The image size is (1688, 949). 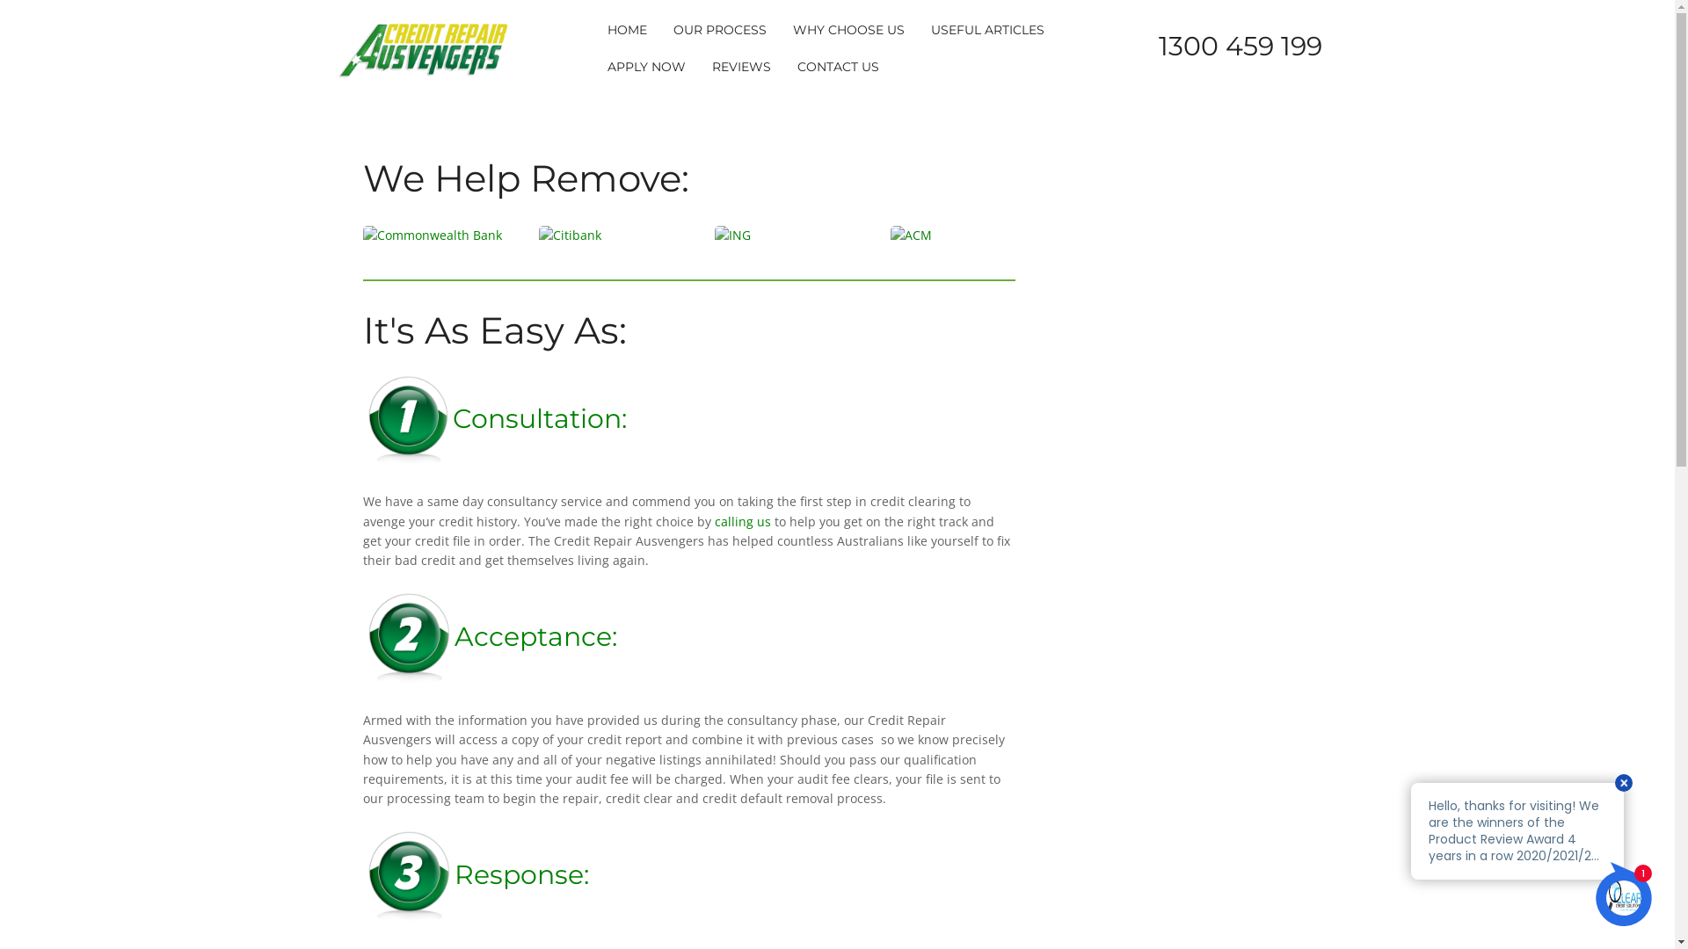 I want to click on 'ING', so click(x=788, y=234).